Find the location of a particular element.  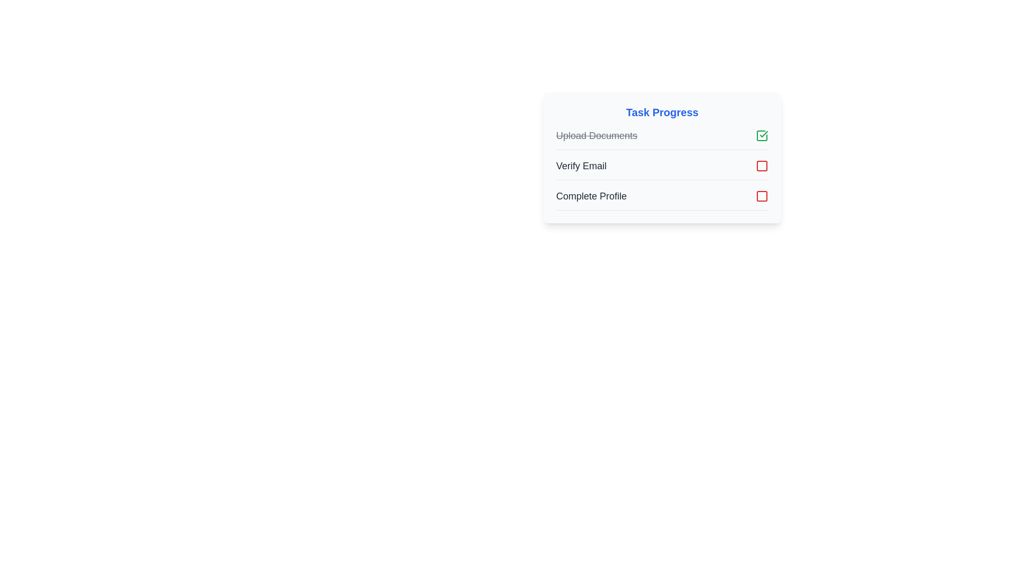

the 'Complete Profile' task item checkbox is located at coordinates (662, 199).